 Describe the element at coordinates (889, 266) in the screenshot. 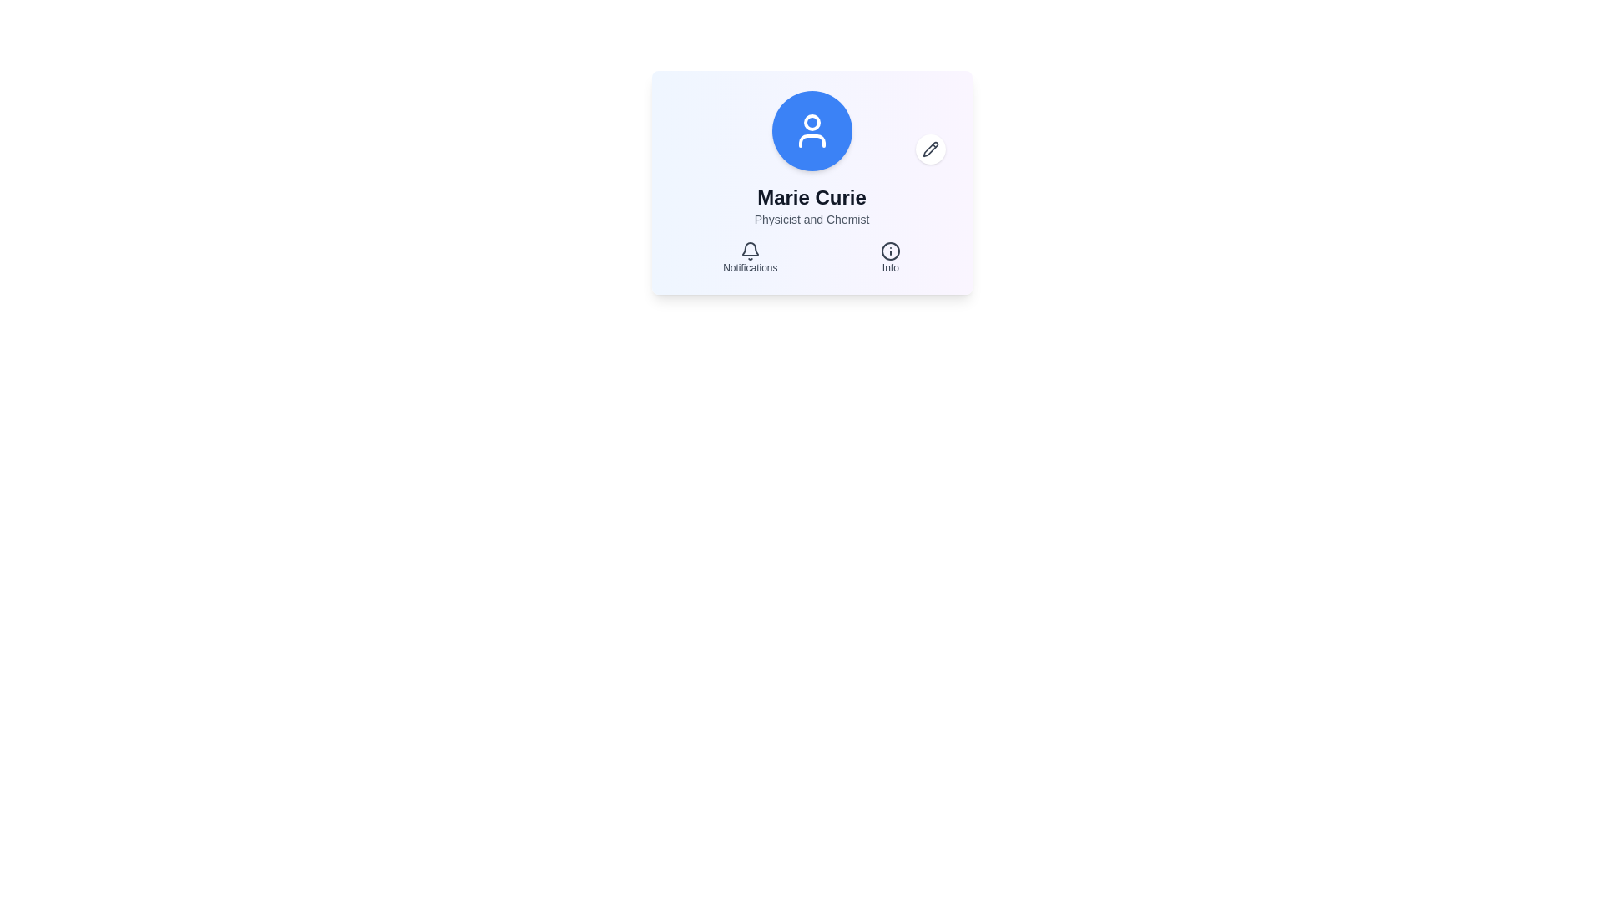

I see `the 'Info' text label styled in gray, located directly under the circular icon` at that location.